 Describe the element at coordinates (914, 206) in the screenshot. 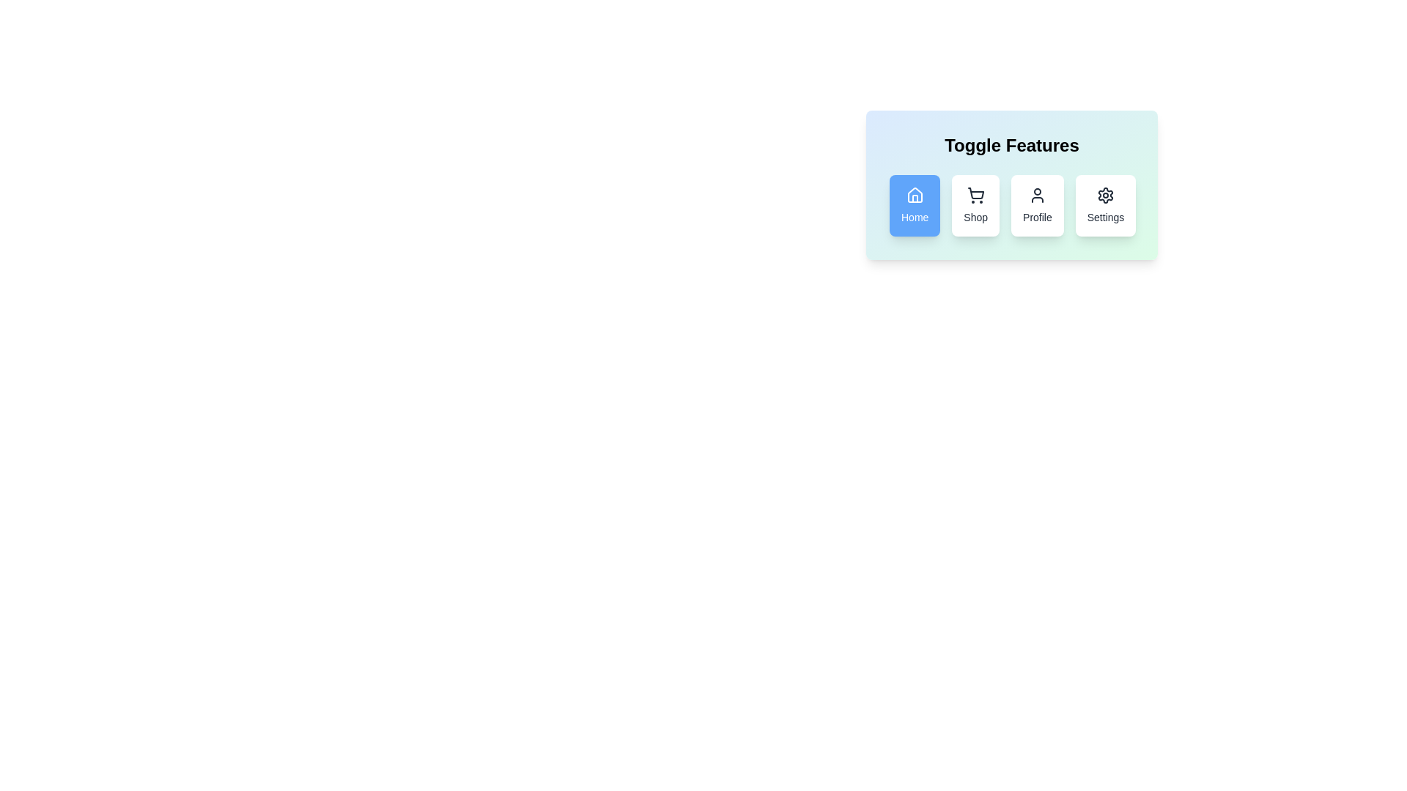

I see `the feature corresponding to Home` at that location.